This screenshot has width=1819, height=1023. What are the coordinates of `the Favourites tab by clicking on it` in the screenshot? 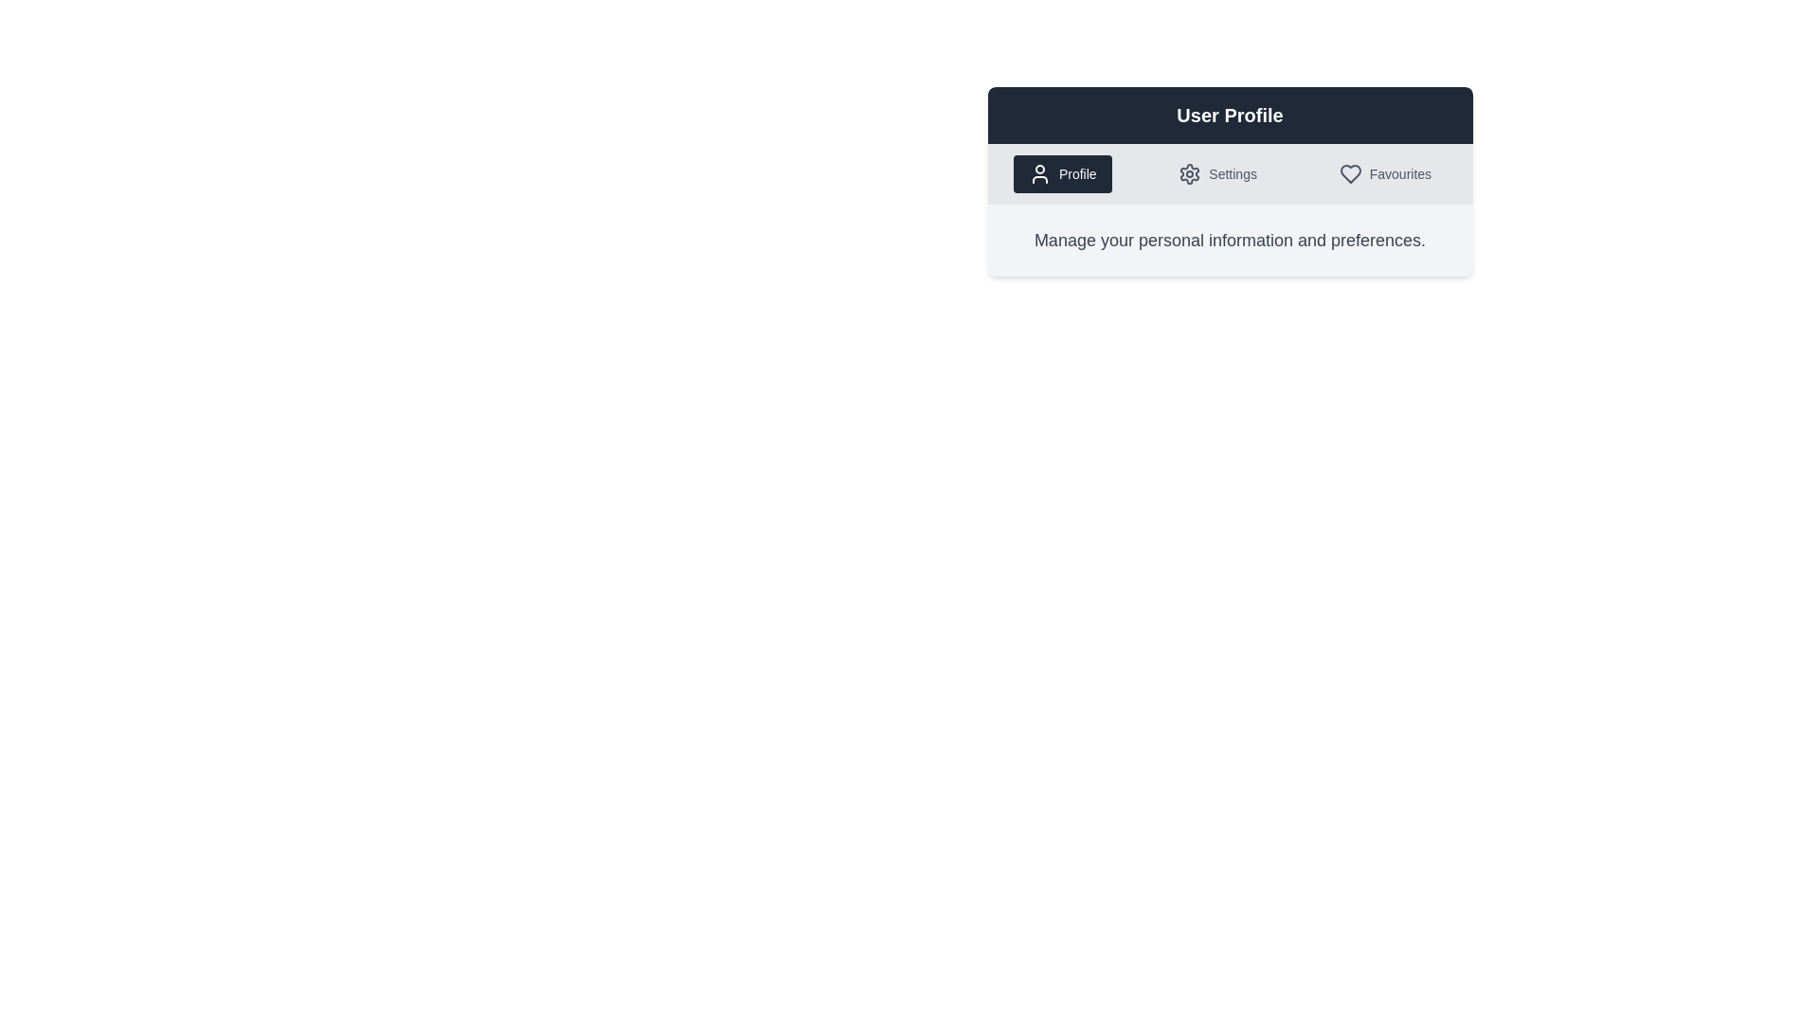 It's located at (1385, 174).